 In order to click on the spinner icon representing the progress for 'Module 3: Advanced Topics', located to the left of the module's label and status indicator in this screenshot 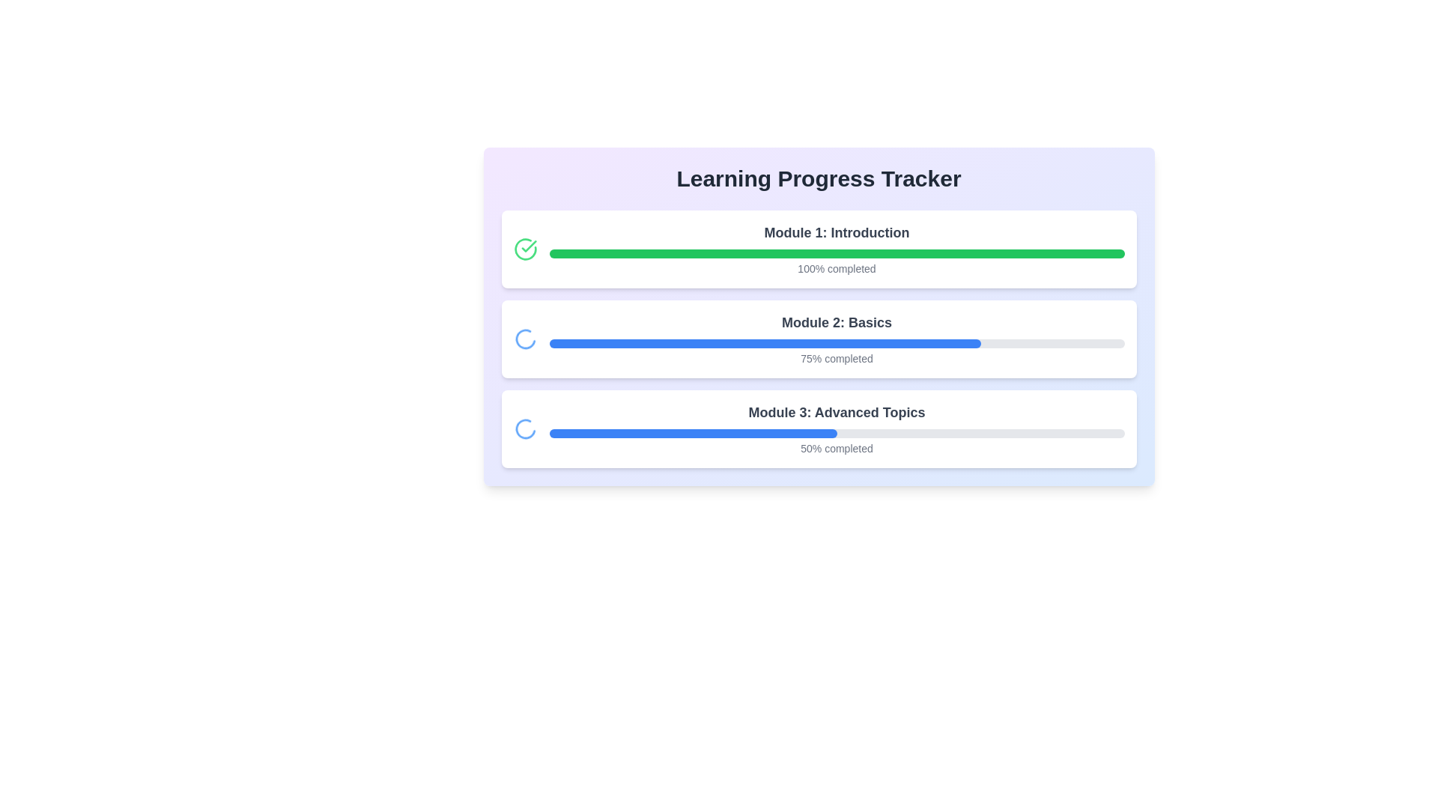, I will do `click(525, 429)`.